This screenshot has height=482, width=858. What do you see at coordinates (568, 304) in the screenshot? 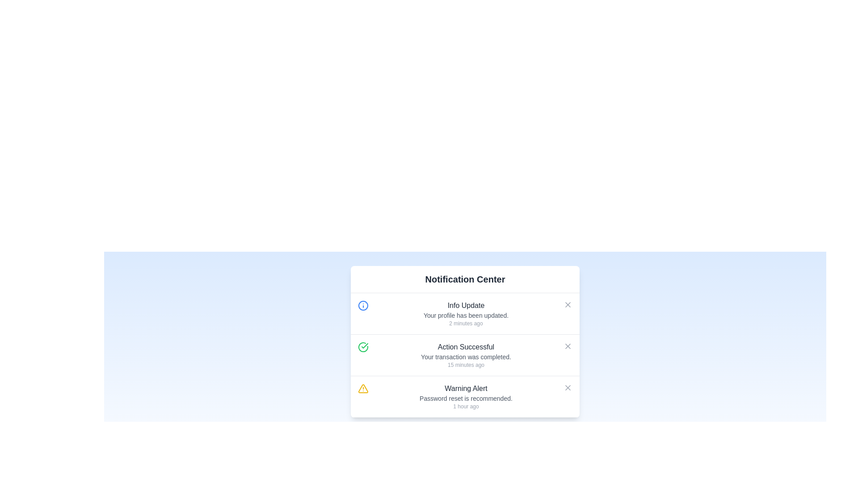
I see `the Close icon button, represented as an 'X' icon, located at the far right of the first notification in the notification list interface` at bounding box center [568, 304].